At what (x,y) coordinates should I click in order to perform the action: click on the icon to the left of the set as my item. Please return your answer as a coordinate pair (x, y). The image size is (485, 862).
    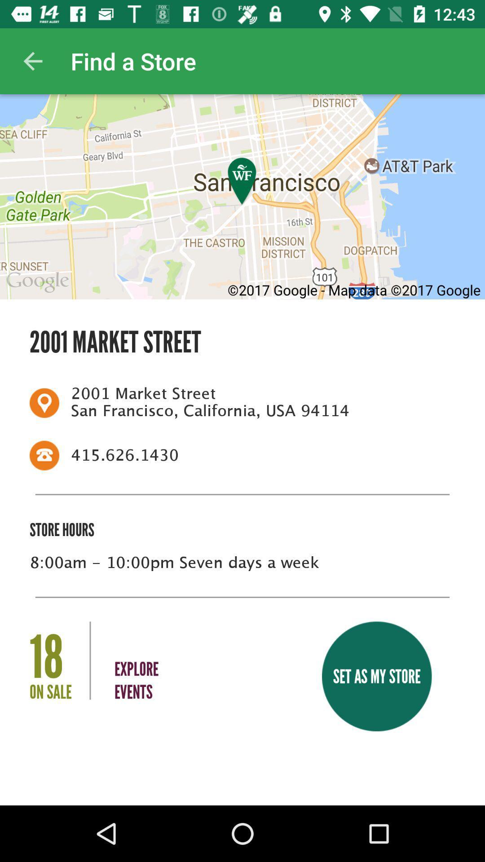
    Looking at the image, I should click on (137, 662).